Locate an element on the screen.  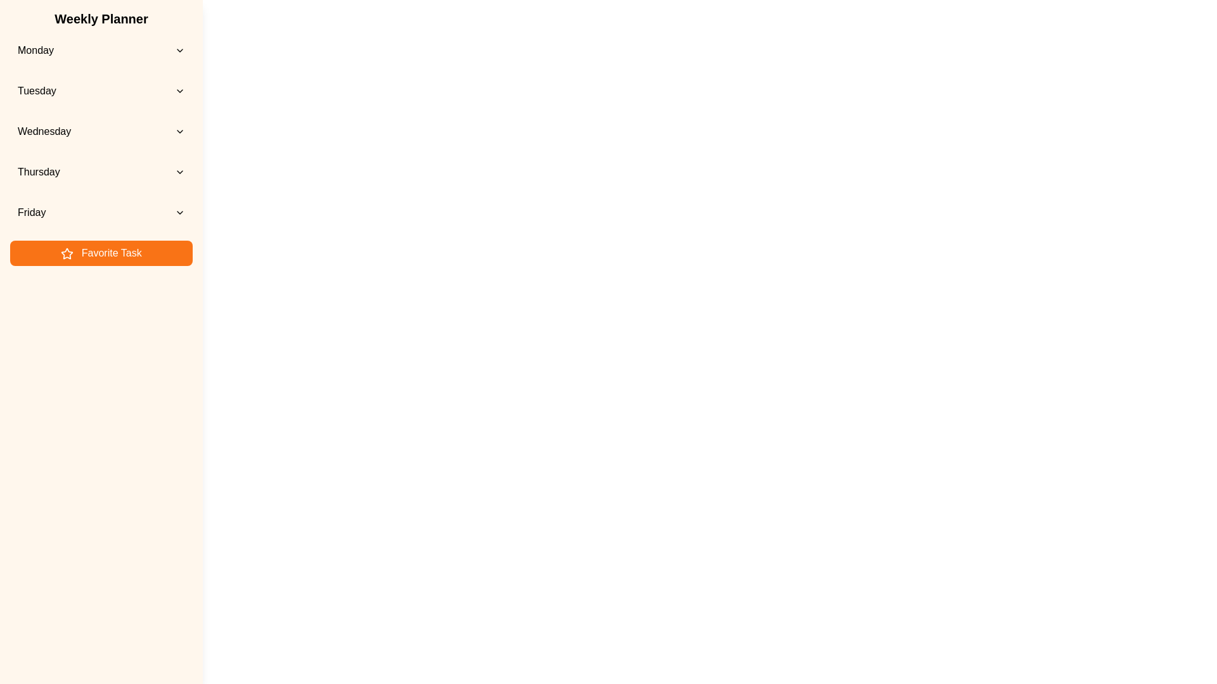
the day Monday from the list to view its events is located at coordinates (100, 50).